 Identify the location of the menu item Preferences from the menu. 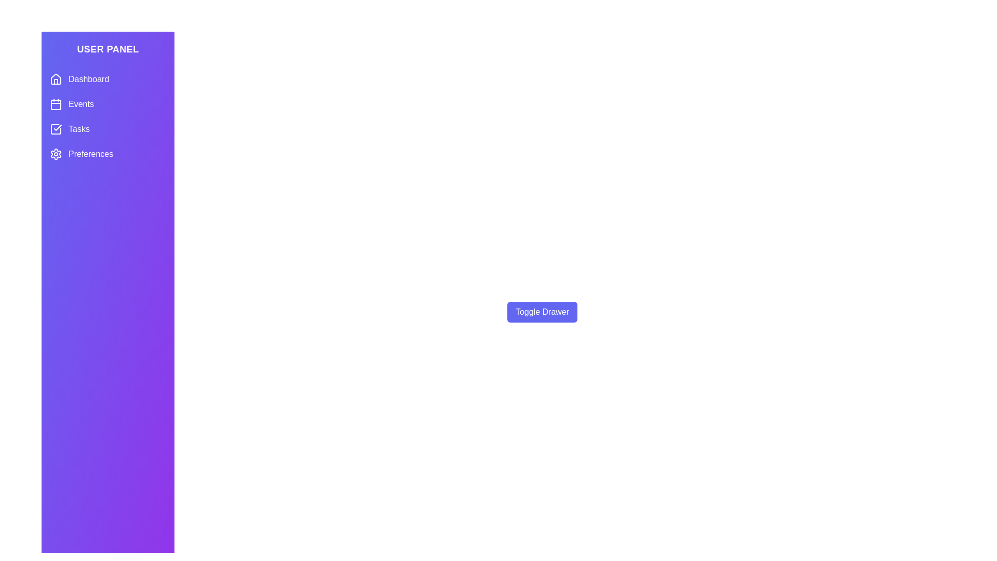
(107, 154).